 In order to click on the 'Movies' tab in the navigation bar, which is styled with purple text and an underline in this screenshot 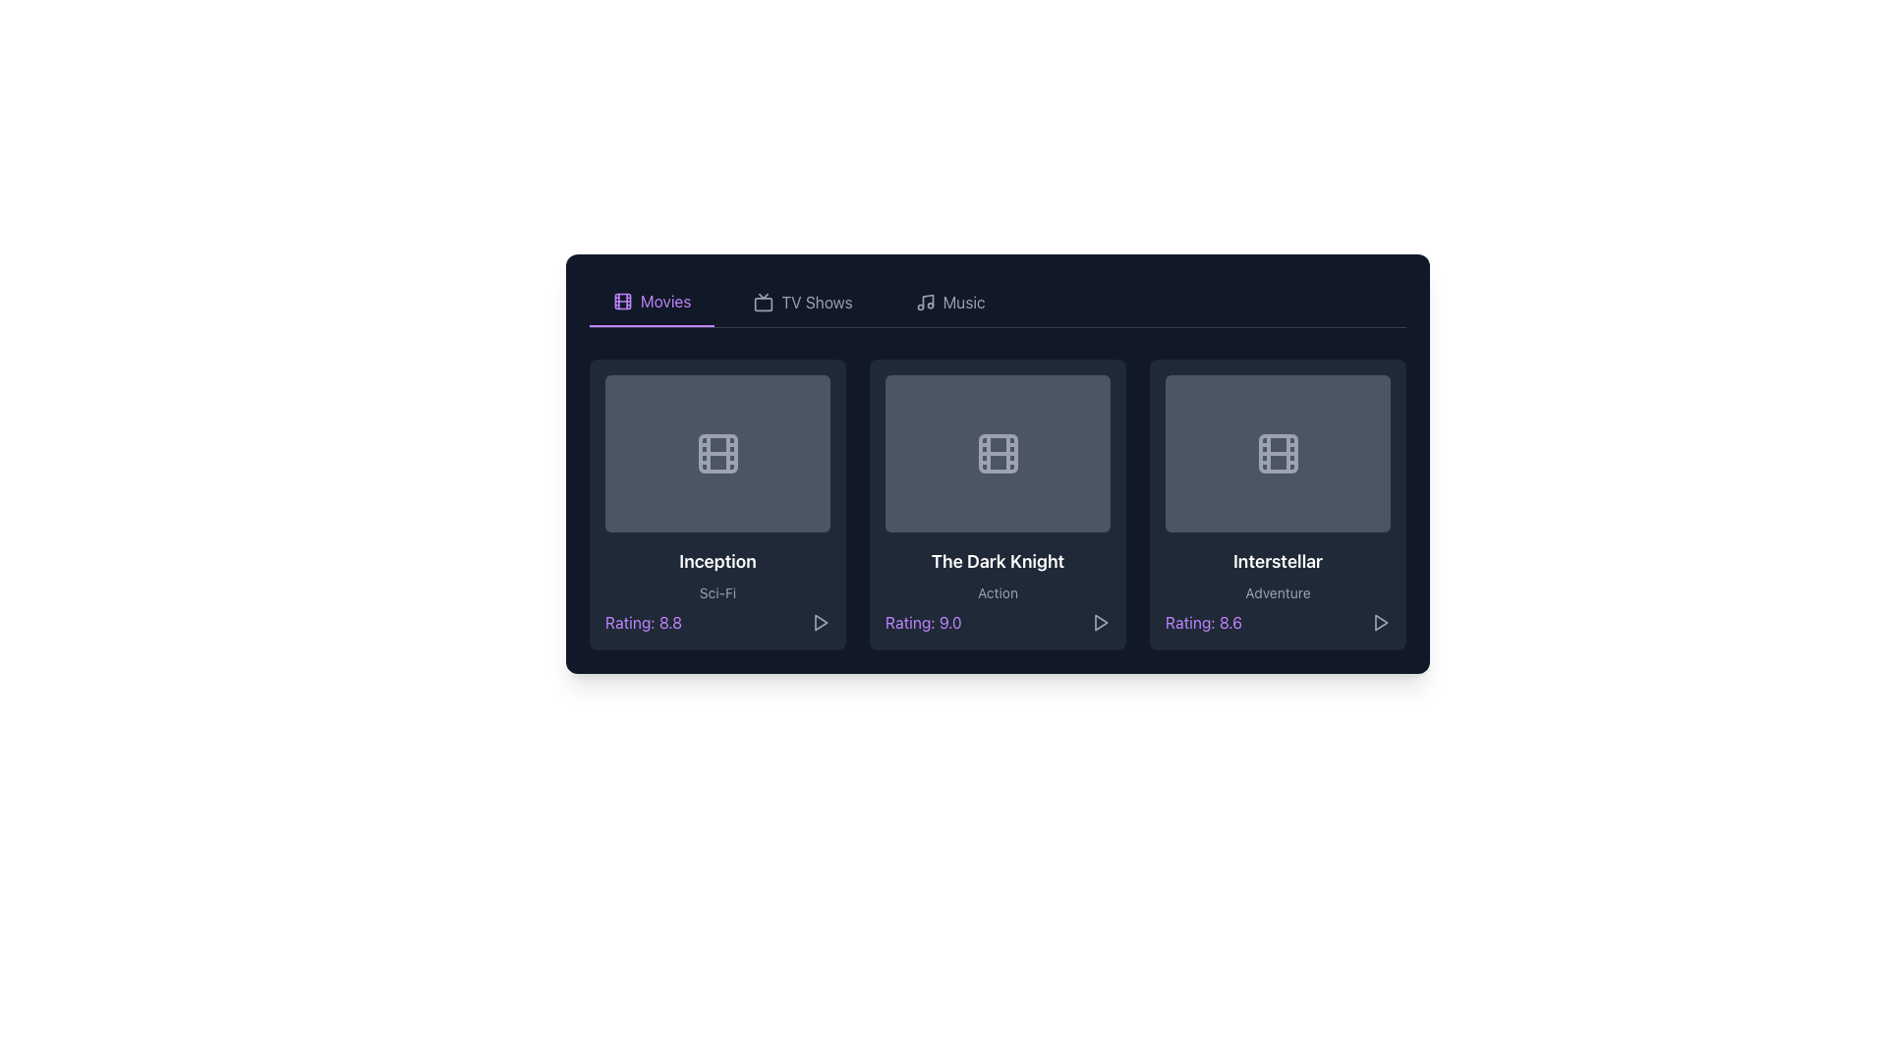, I will do `click(652, 303)`.